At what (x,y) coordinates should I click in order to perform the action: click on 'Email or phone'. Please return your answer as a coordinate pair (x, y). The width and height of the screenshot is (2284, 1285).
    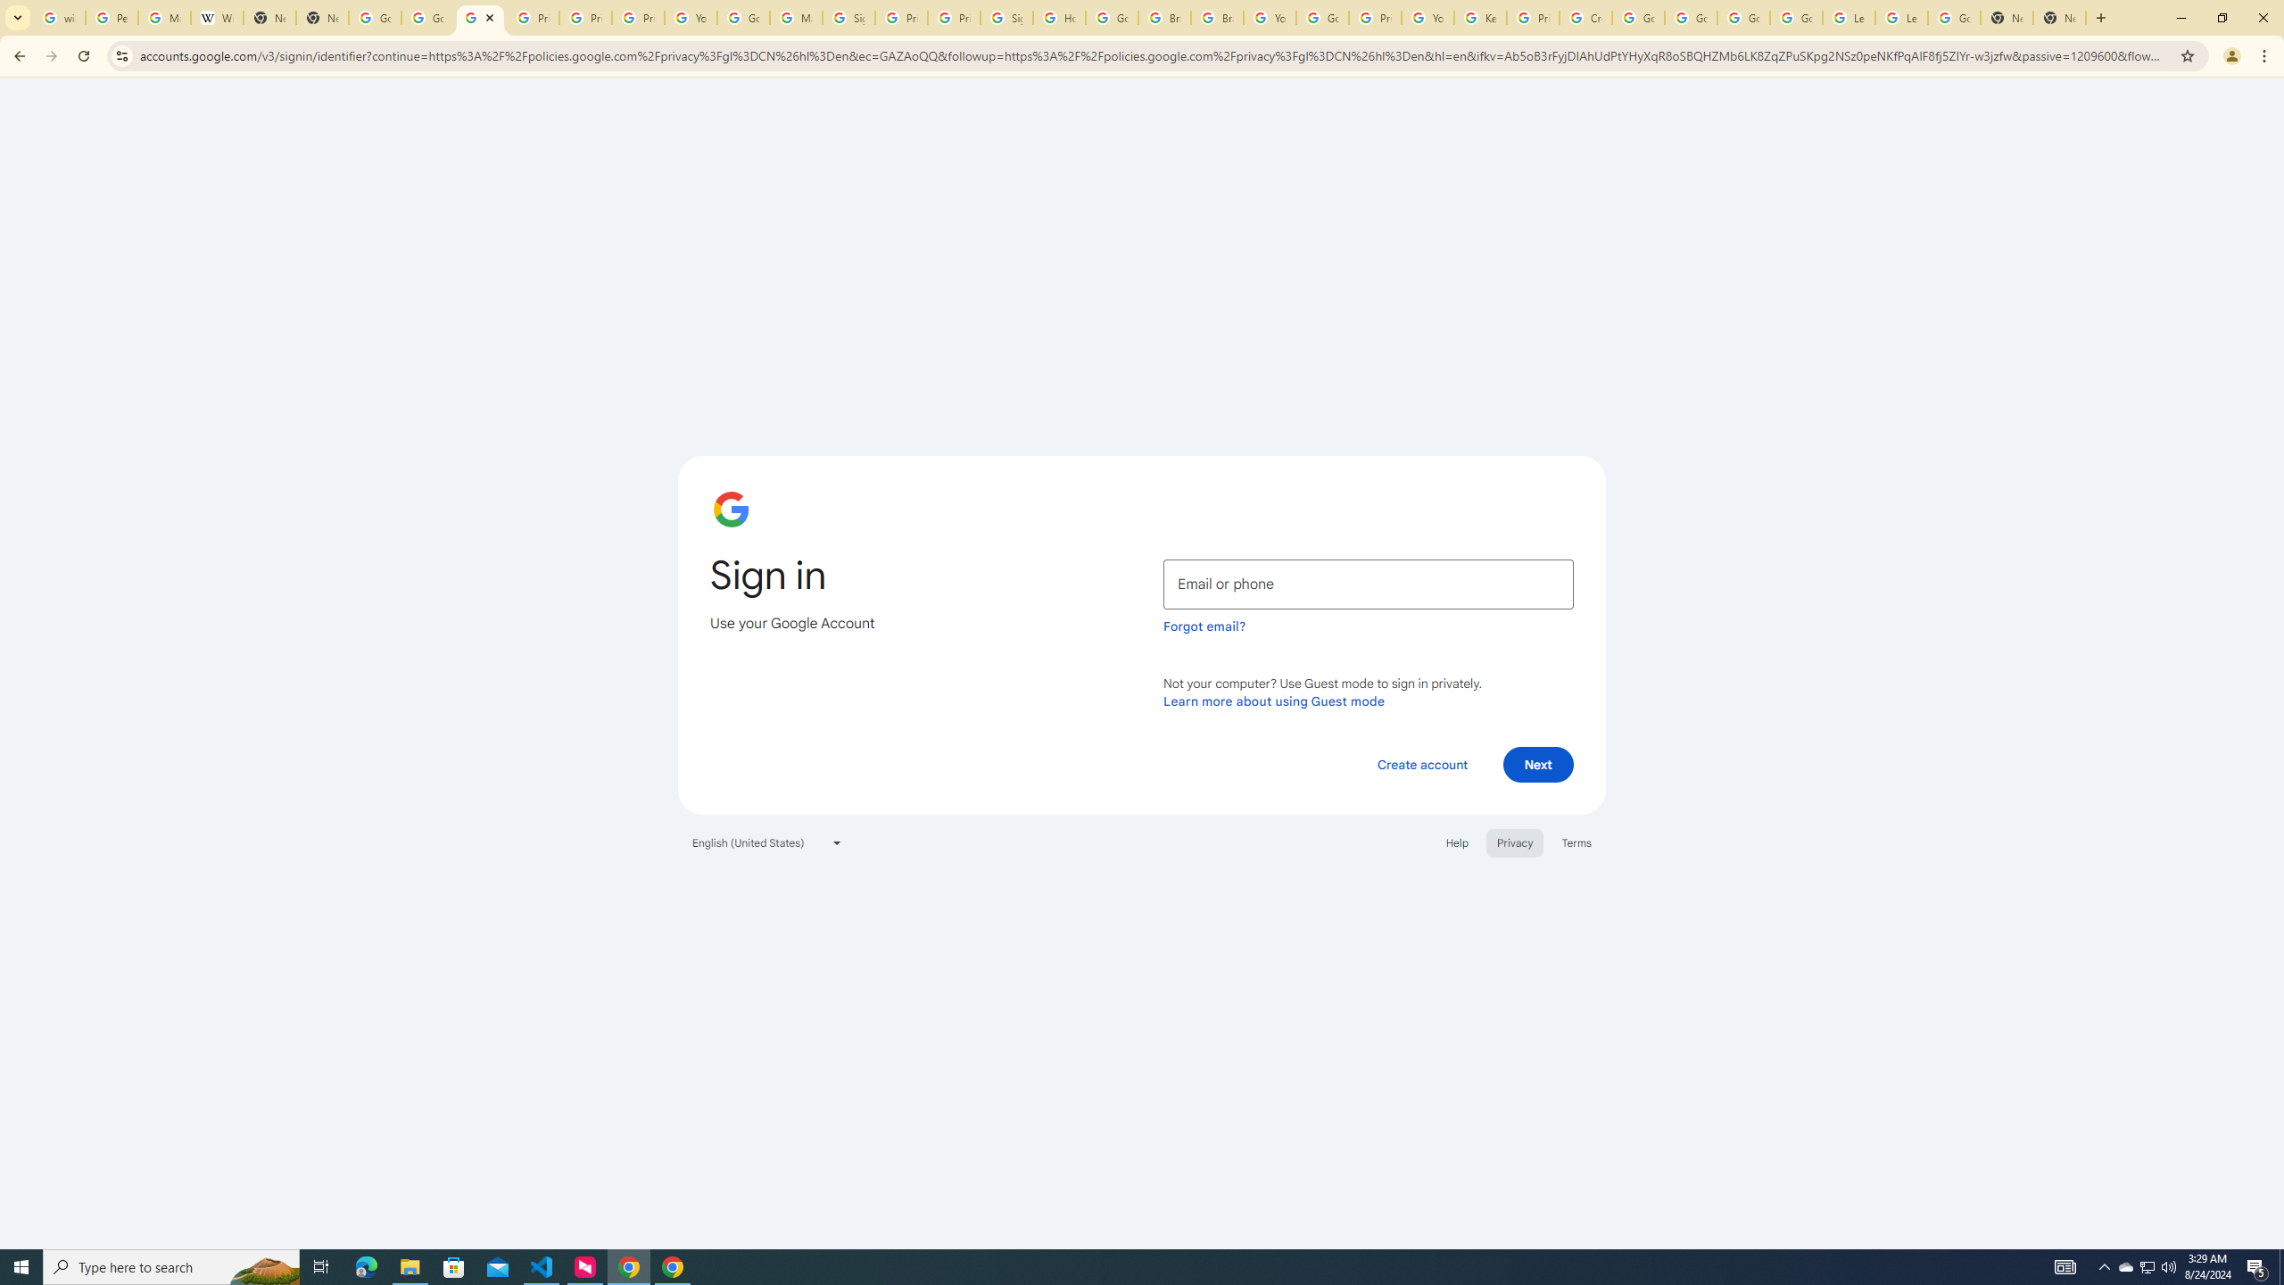
    Looking at the image, I should click on (1368, 584).